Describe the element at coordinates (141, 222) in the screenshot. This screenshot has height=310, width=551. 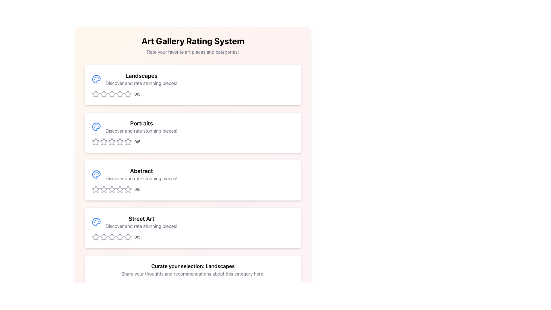
I see `the textual display component that serves as a title and description for the 'Street Art' category in the rating system, which is the fourth item in a vertically arranged list` at that location.